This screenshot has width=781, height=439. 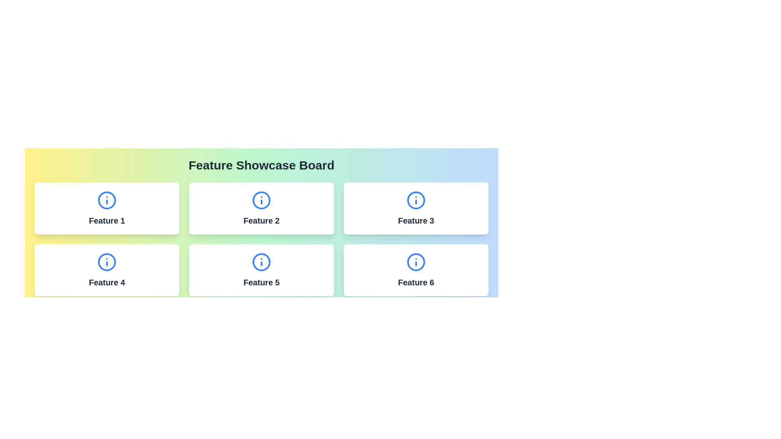 What do you see at coordinates (416, 270) in the screenshot?
I see `the Interactive card labeled 'Feature 6' located at the bottom-right corner of the grid layout` at bounding box center [416, 270].